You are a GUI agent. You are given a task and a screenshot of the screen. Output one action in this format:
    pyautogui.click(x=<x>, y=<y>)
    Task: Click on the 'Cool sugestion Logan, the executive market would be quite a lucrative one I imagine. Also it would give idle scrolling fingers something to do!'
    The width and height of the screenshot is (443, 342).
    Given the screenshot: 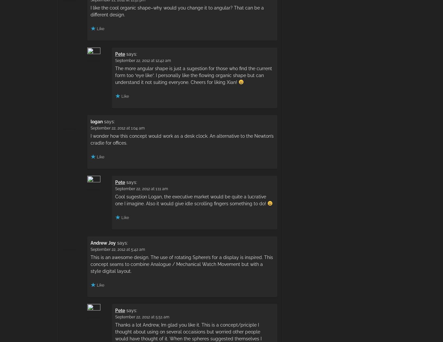 What is the action you would take?
    pyautogui.click(x=191, y=199)
    